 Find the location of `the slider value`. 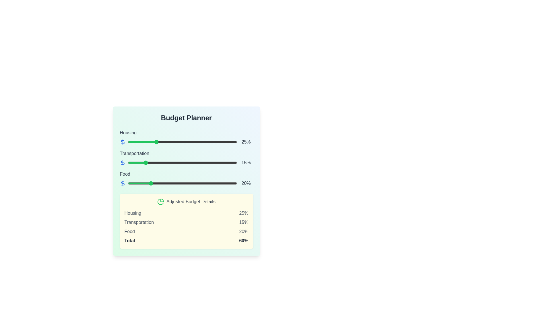

the slider value is located at coordinates (133, 183).